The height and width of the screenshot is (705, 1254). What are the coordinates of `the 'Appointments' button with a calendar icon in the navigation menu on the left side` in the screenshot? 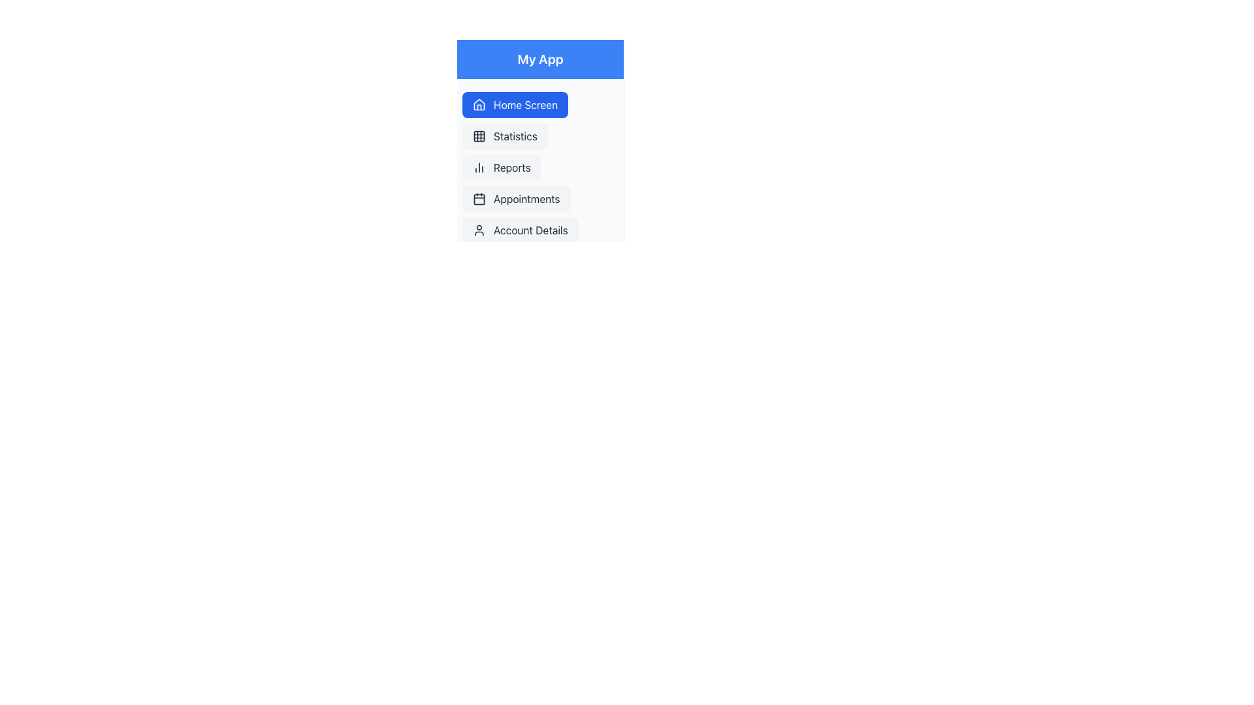 It's located at (515, 198).